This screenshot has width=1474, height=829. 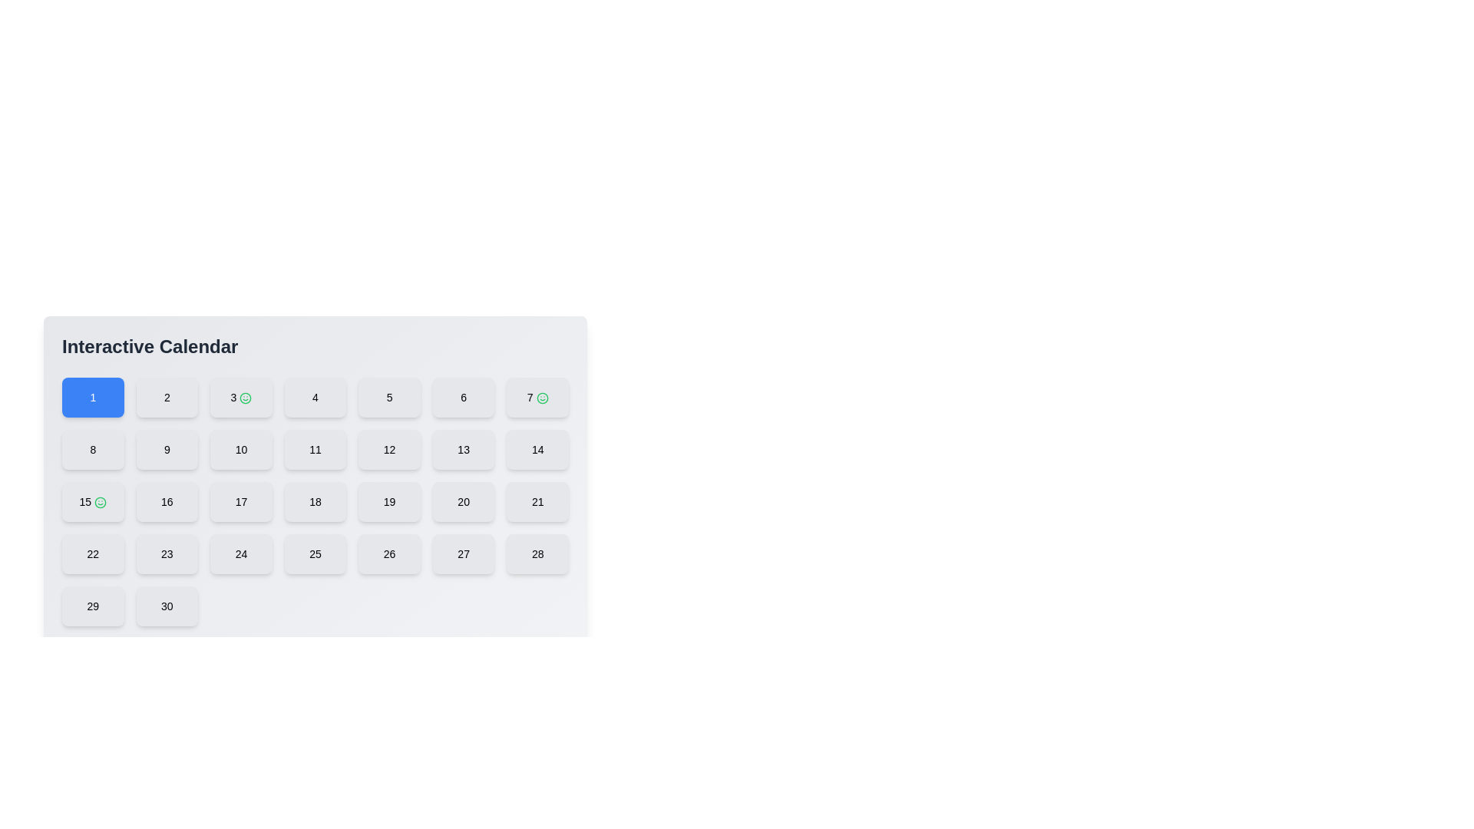 I want to click on the button labeled '18' with a light gray background, so click(x=315, y=502).